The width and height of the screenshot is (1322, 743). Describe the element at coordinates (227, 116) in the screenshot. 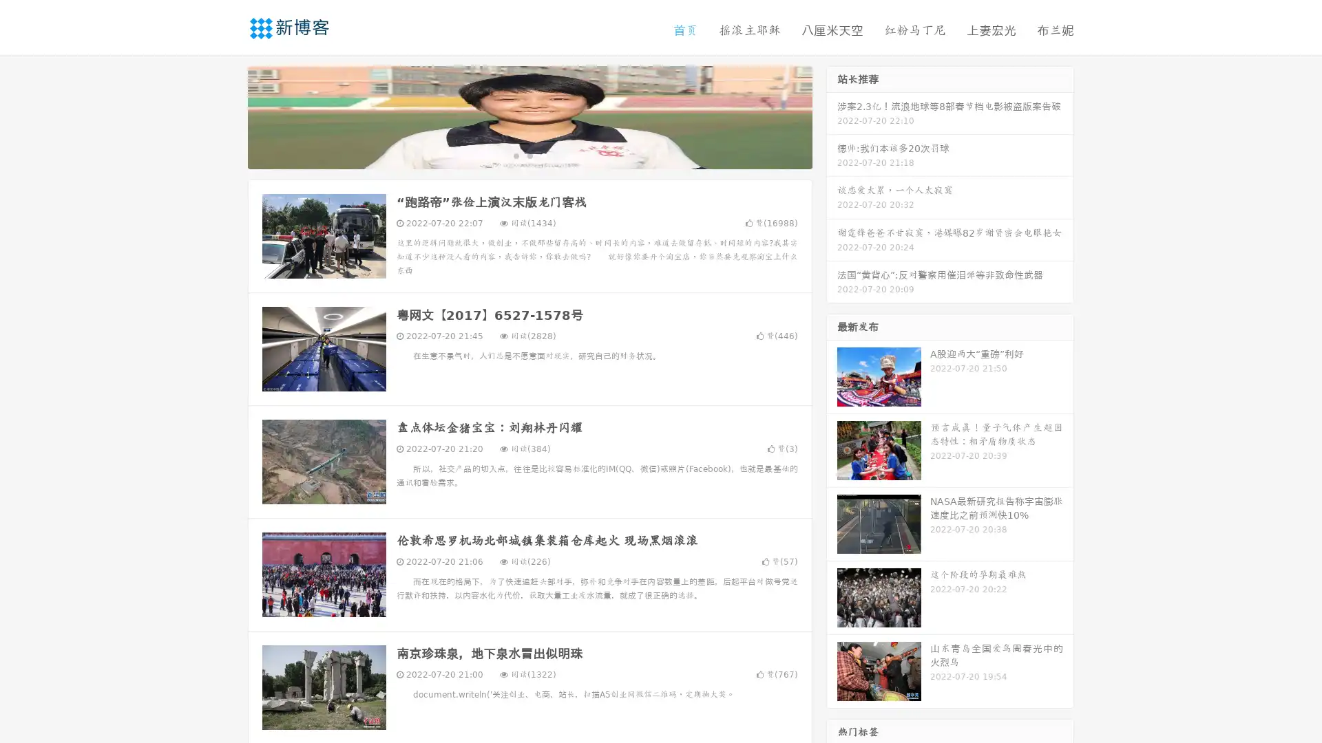

I see `Previous slide` at that location.